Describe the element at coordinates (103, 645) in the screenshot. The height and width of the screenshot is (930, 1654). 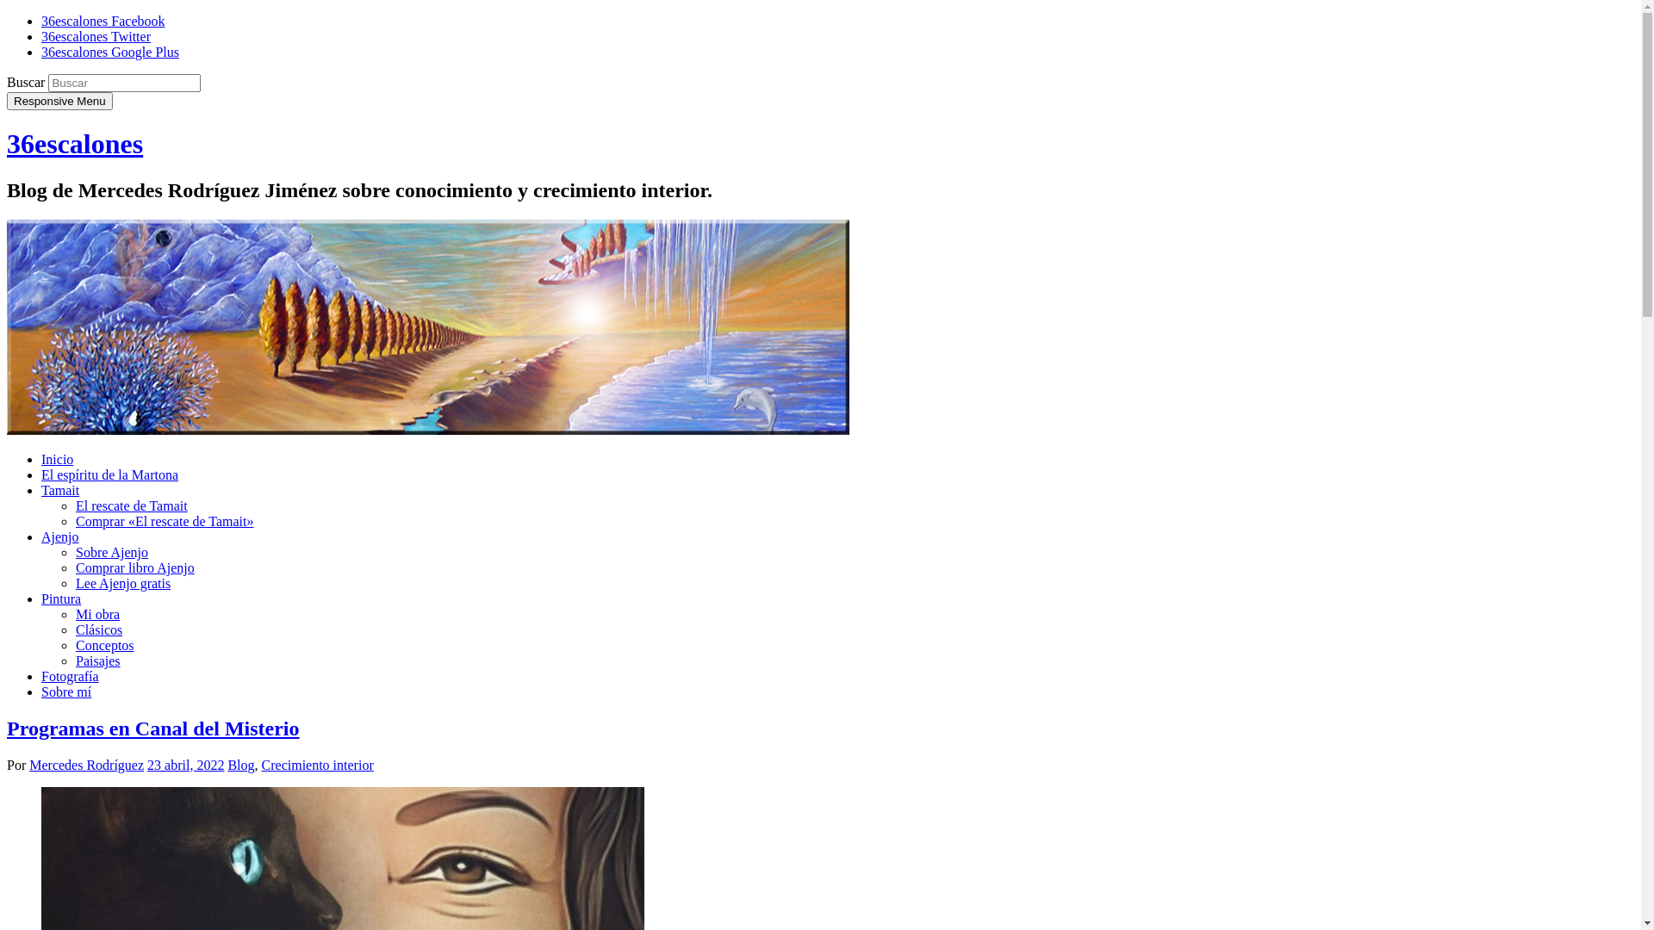
I see `'Conceptos'` at that location.